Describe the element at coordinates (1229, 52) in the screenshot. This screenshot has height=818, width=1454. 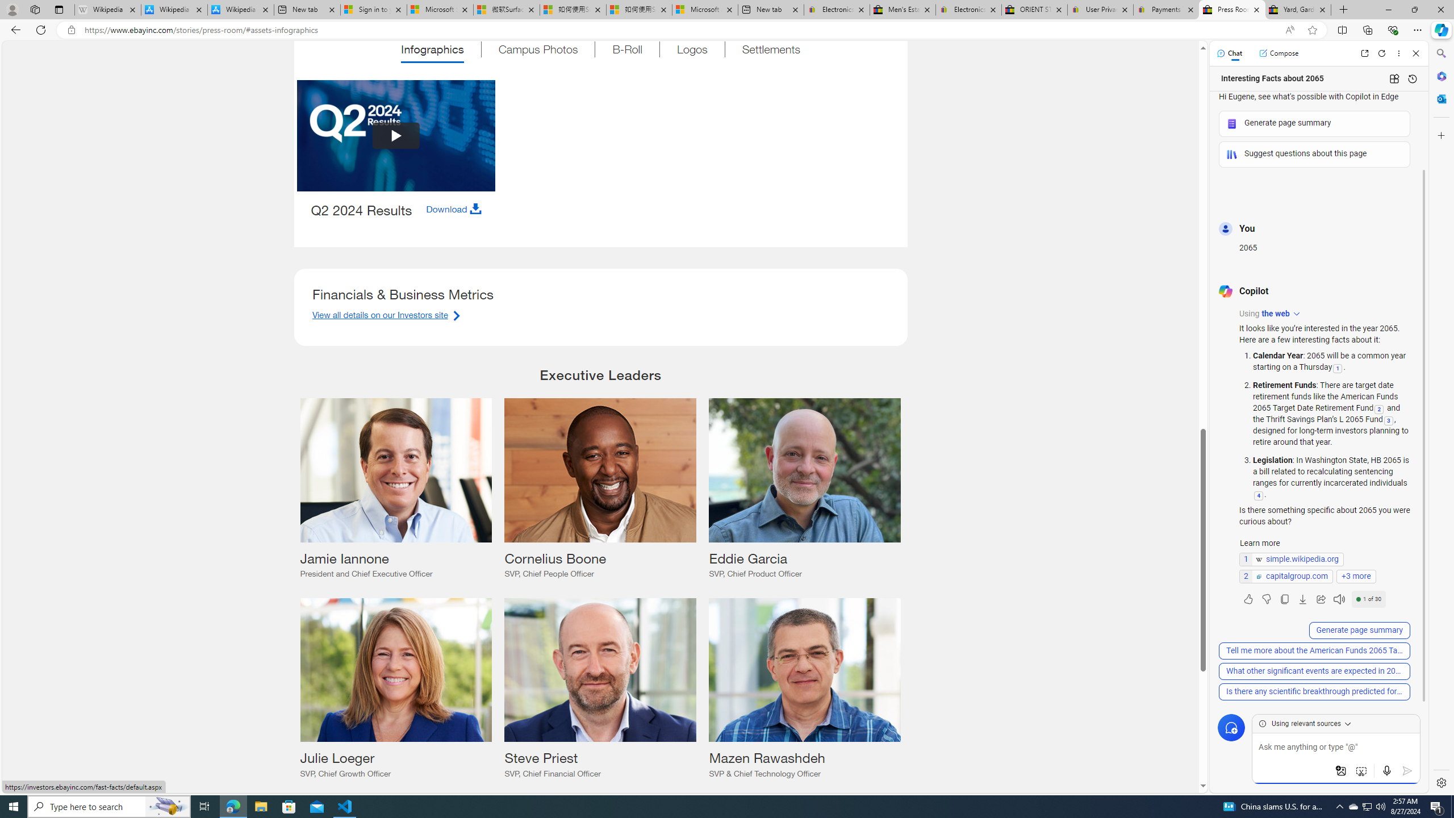
I see `'Chat'` at that location.